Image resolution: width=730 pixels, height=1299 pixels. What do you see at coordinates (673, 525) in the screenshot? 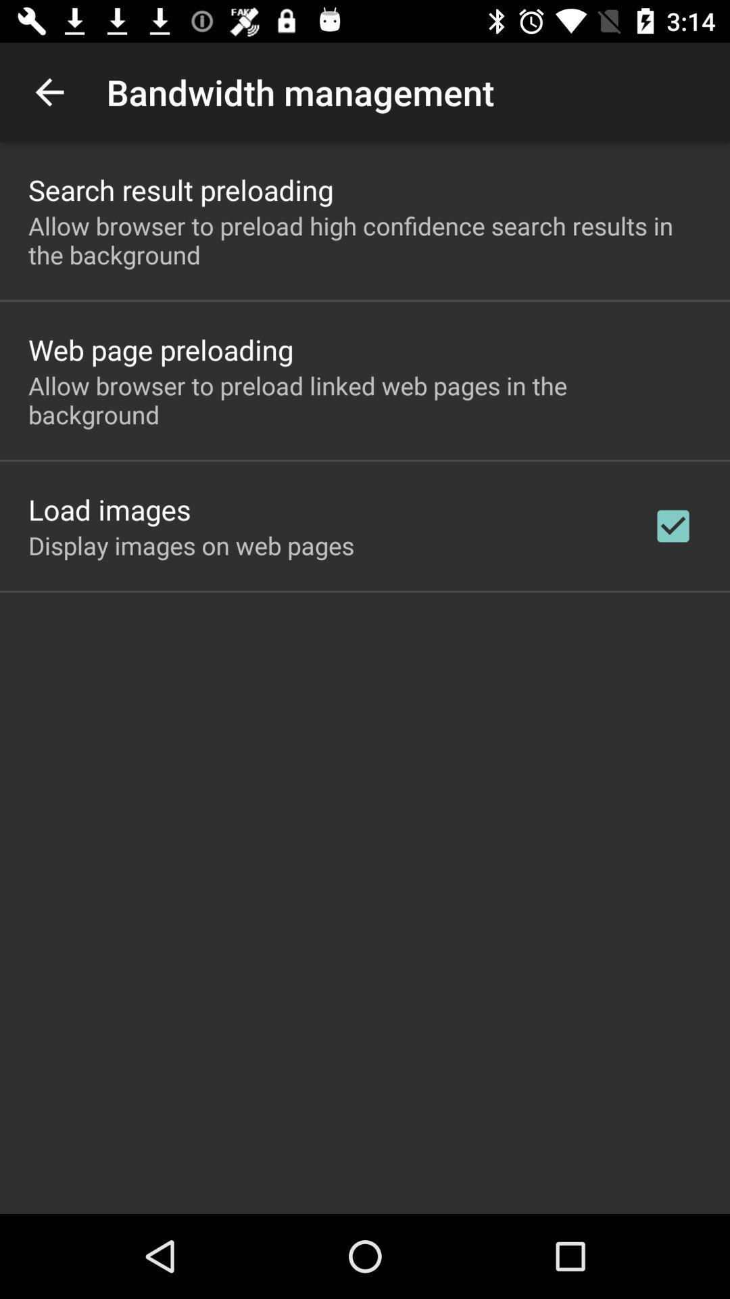
I see `the item below the allow browser to` at bounding box center [673, 525].